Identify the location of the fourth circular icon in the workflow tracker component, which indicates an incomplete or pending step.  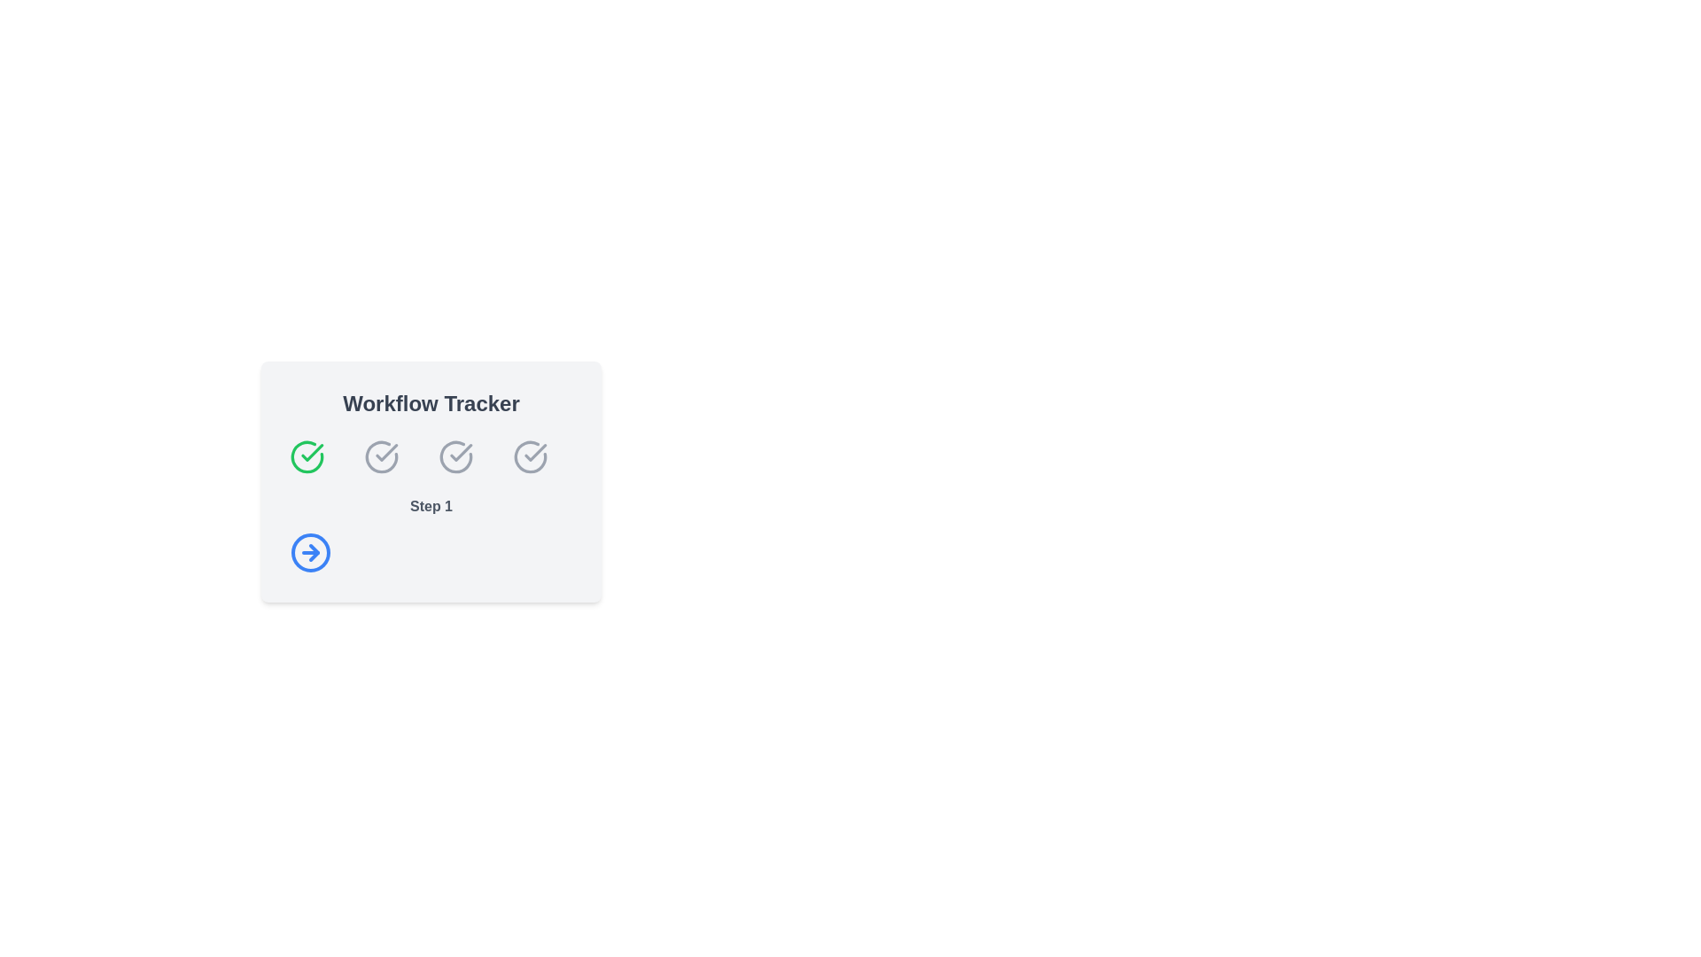
(530, 456).